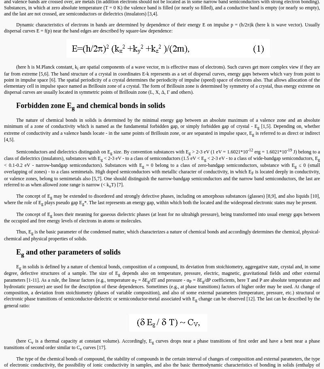 The width and height of the screenshot is (324, 369). Describe the element at coordinates (110, 186) in the screenshot. I see `'o'` at that location.